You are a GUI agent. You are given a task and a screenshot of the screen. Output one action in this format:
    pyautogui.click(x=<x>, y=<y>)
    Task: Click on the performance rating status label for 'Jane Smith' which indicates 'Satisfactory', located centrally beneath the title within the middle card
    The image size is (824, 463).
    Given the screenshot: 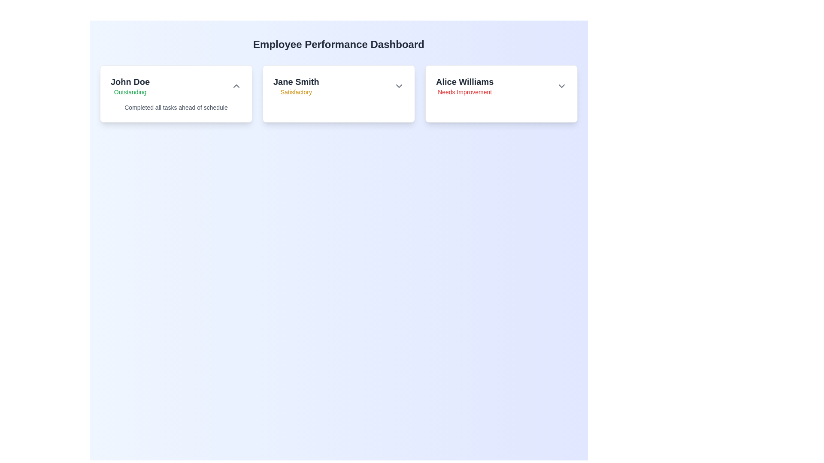 What is the action you would take?
    pyautogui.click(x=296, y=92)
    